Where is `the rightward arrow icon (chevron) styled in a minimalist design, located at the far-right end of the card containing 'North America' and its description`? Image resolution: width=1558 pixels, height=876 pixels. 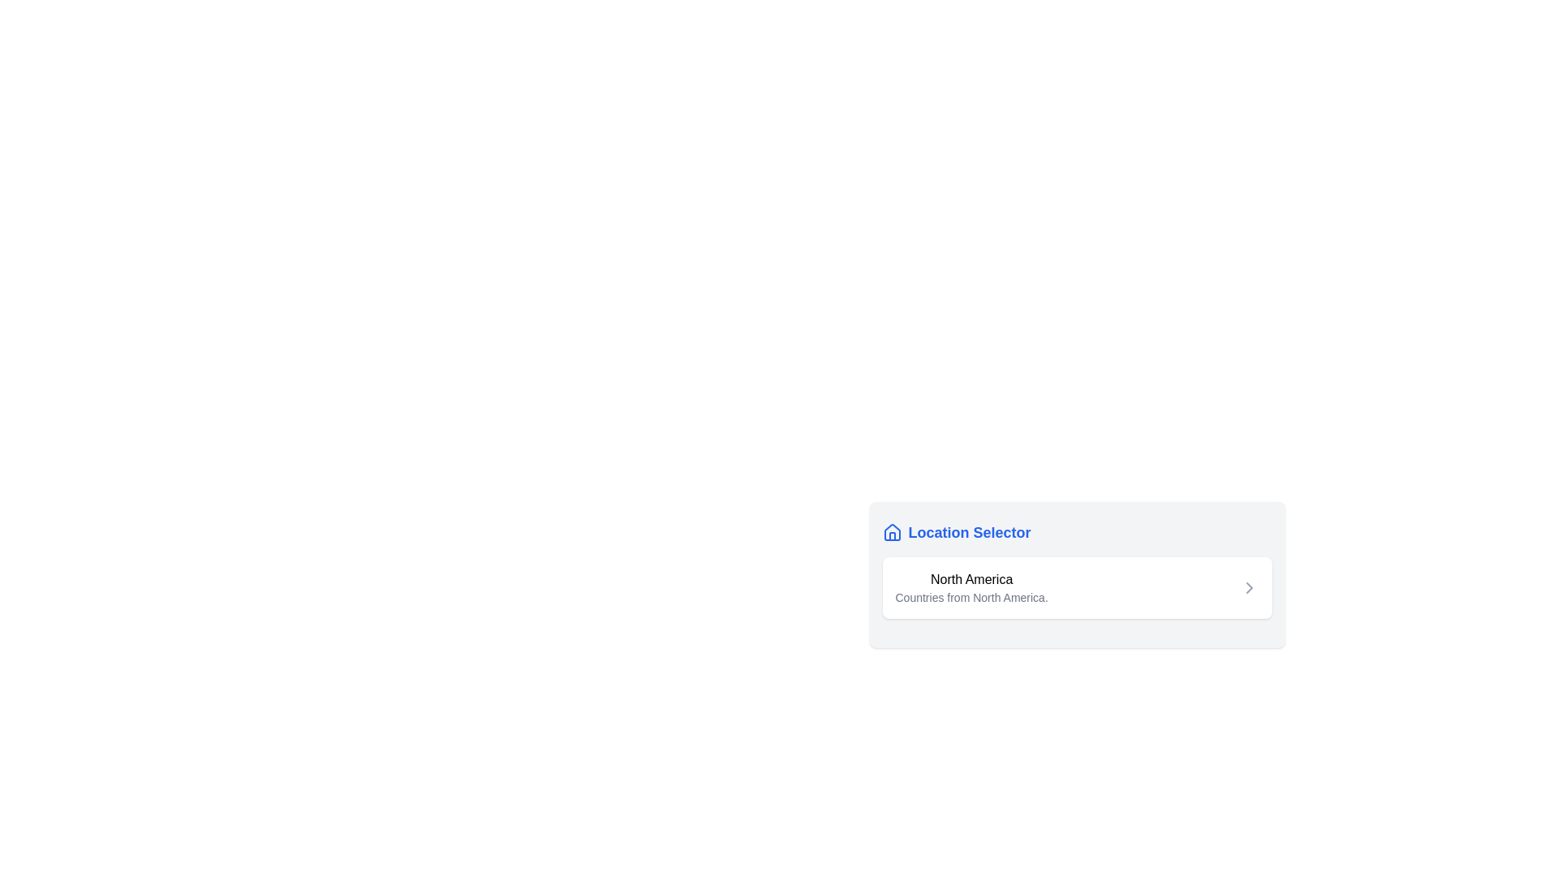
the rightward arrow icon (chevron) styled in a minimalist design, located at the far-right end of the card containing 'North America' and its description is located at coordinates (1248, 588).